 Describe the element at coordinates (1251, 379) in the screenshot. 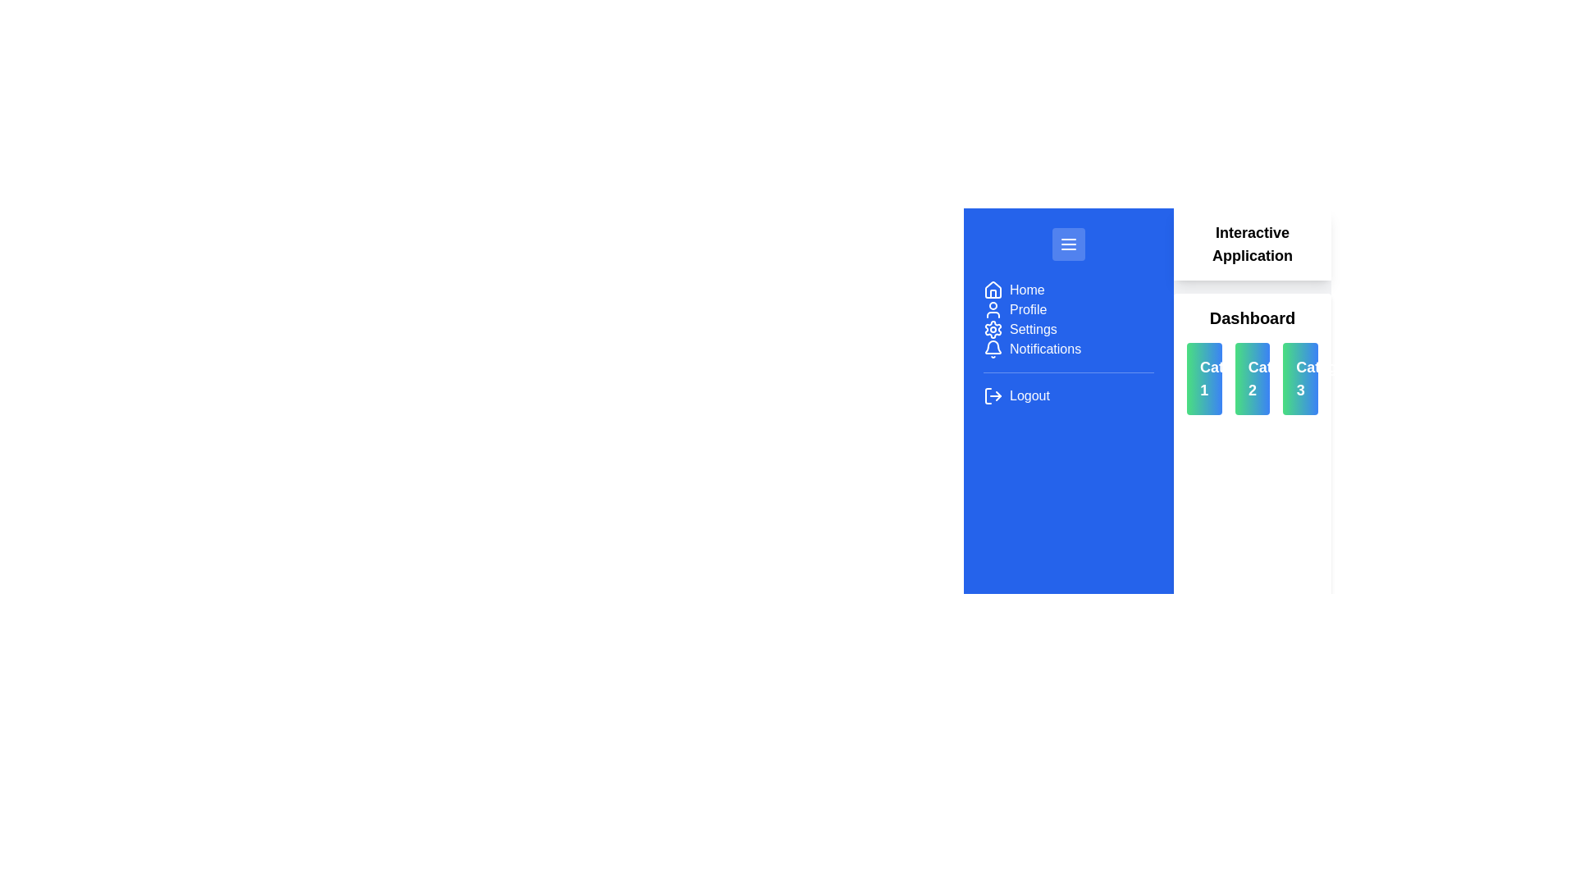

I see `the 'Category 2' button, which is a rectangular button with a gradient background transitioning from green to blue and contains the text 'Category 2' in white, bold font` at that location.